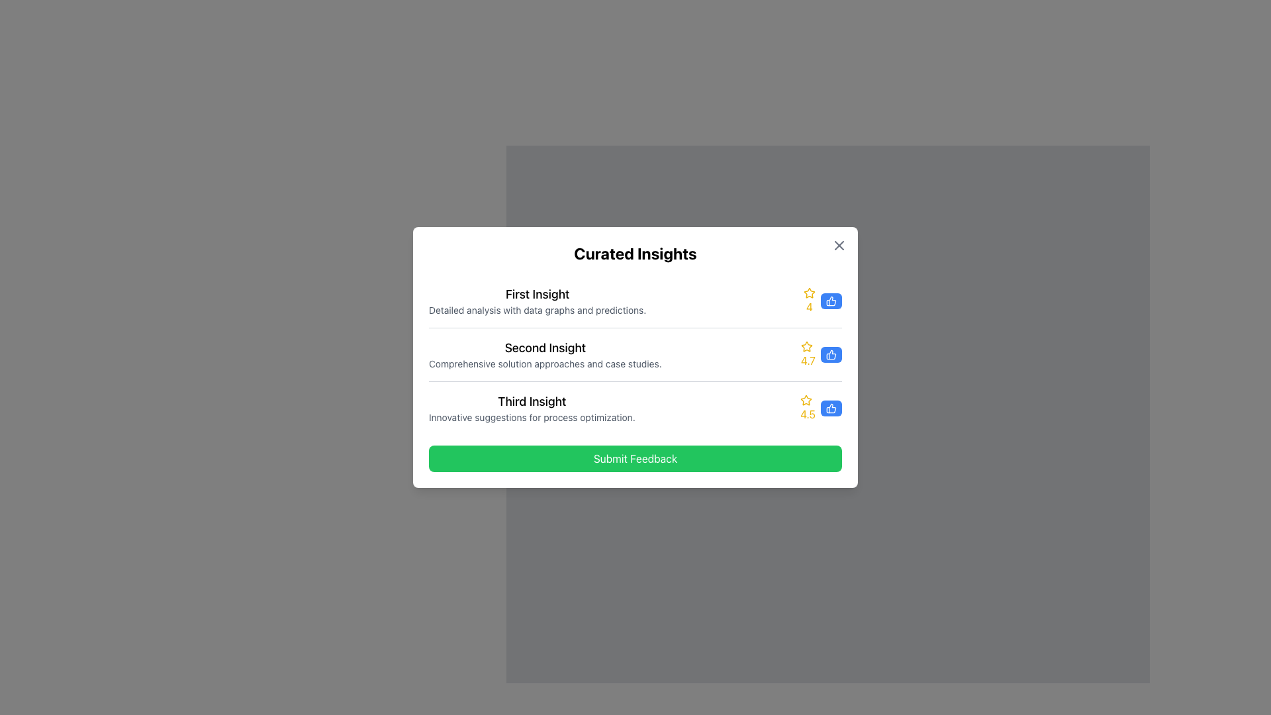 This screenshot has height=715, width=1271. Describe the element at coordinates (820, 408) in the screenshot. I see `the thumbs-up icon of the Rating and feedback indicator for 'Third Insight', which is located to the right of the text '4.5' and has a blue rounded rectangular background` at that location.